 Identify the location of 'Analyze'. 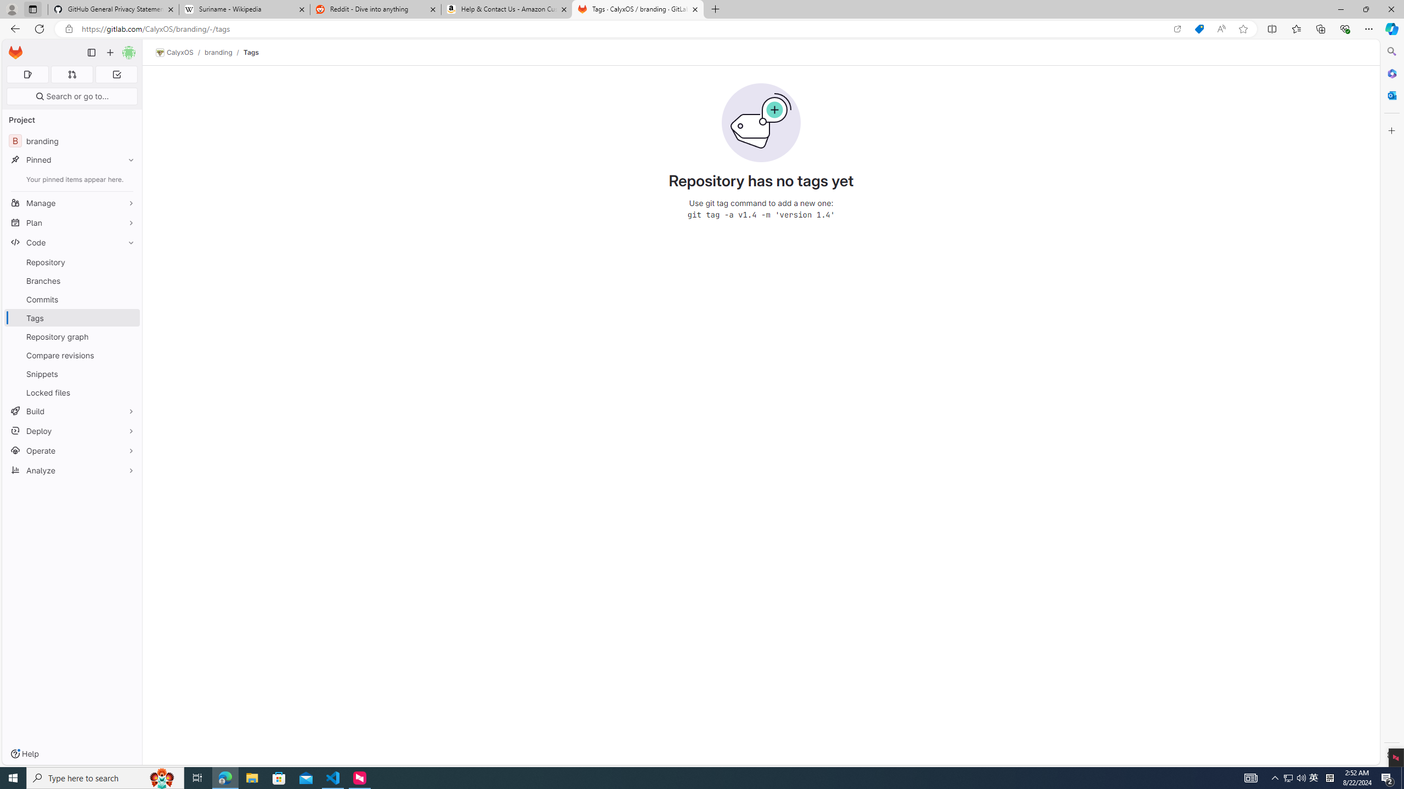
(71, 470).